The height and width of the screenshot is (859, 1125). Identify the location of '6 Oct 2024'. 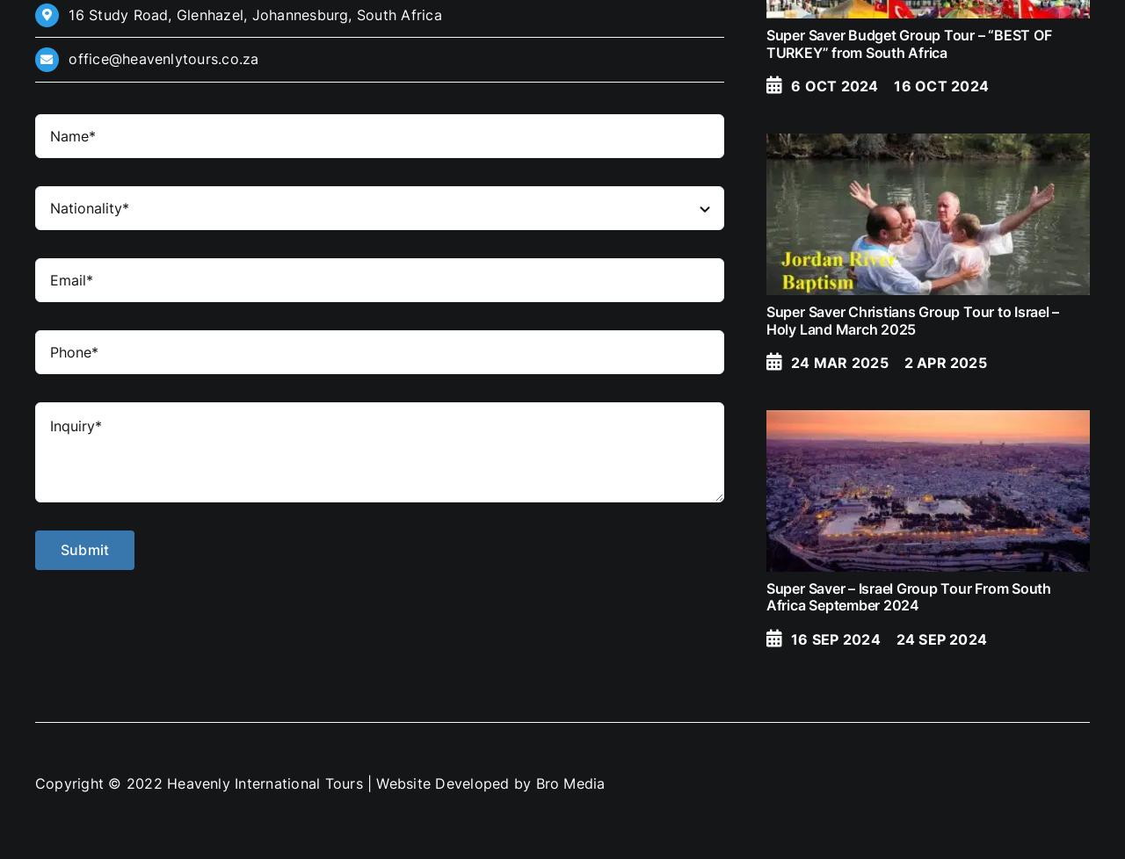
(833, 85).